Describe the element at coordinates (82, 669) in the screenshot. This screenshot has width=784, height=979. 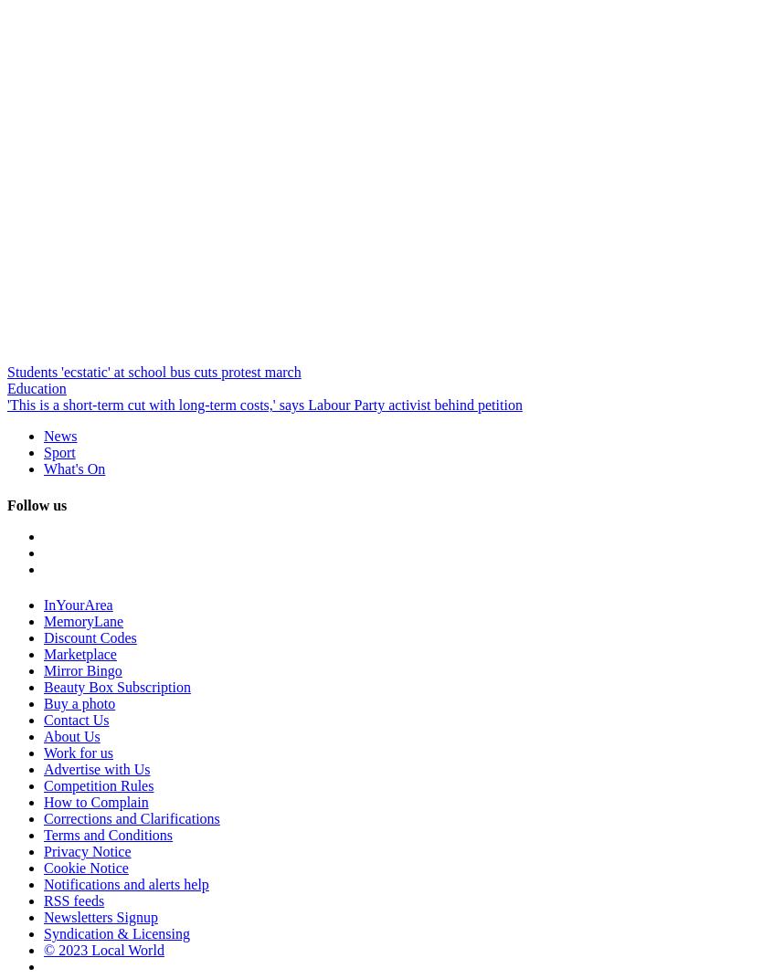
I see `'Mirror Bingo'` at that location.